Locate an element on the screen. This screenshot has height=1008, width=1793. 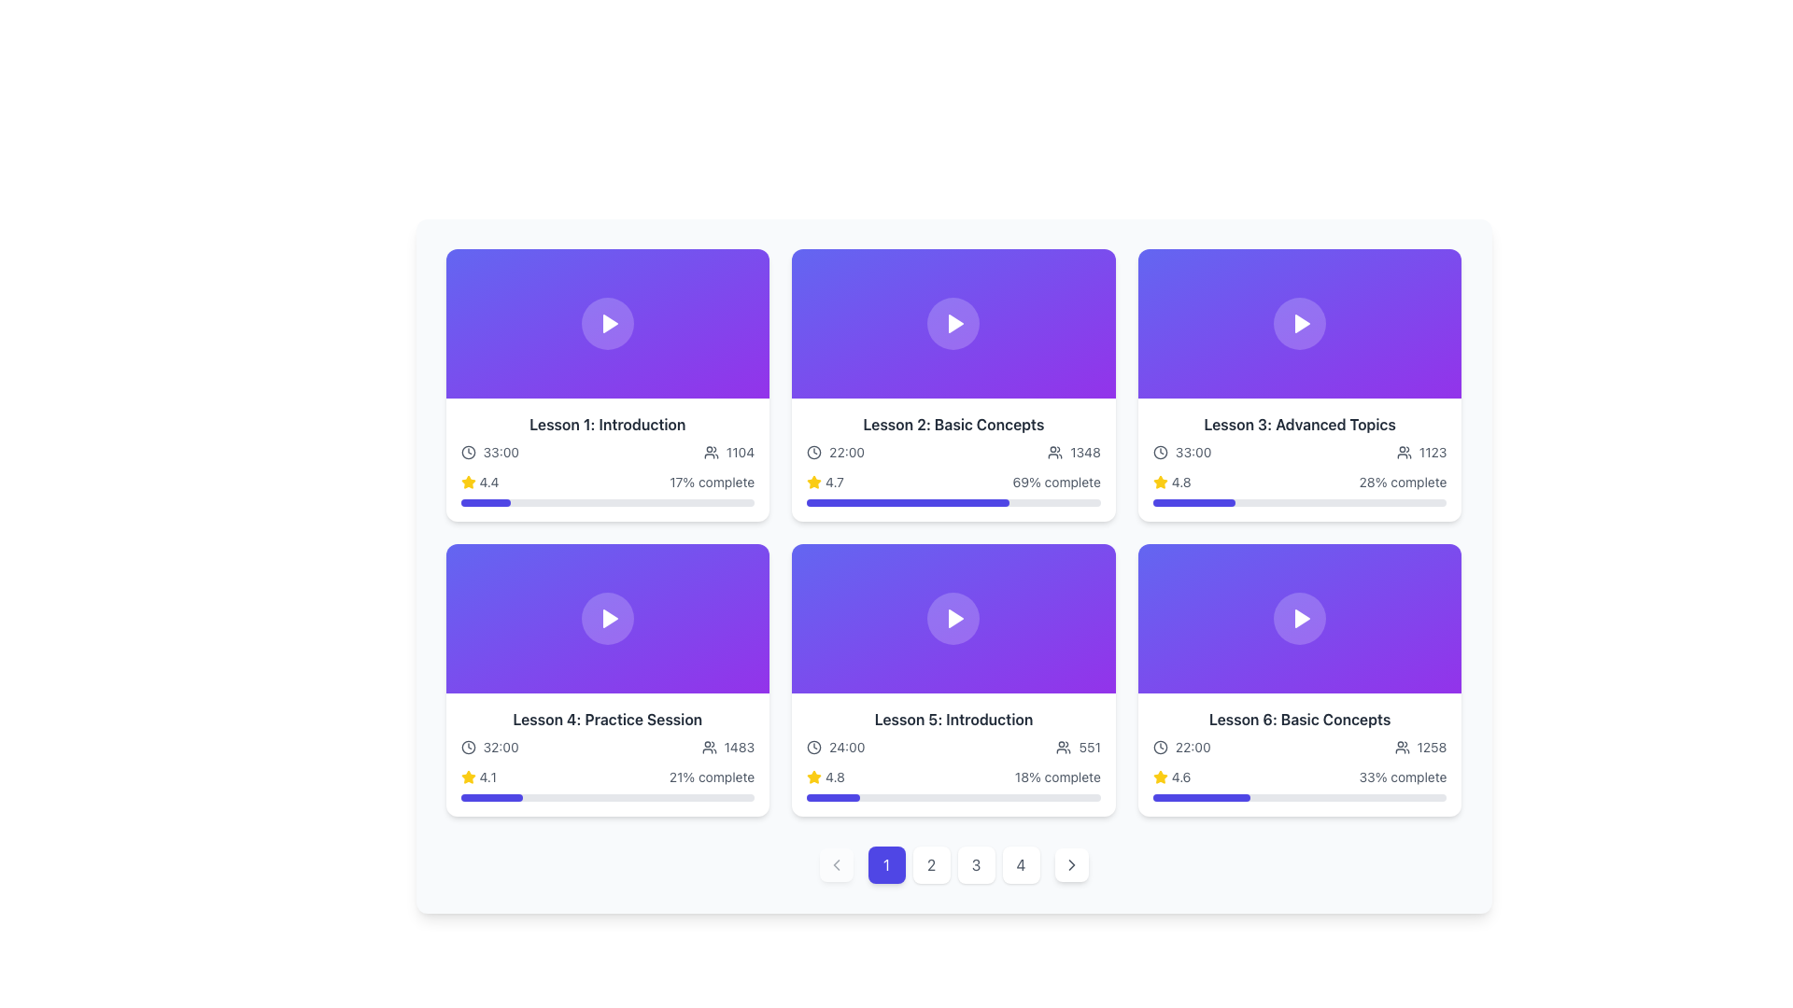
the play button located at the center of the fifth card in a grid layout, which is situated in the second row, third column, and is inside a circular button is located at coordinates (955, 619).